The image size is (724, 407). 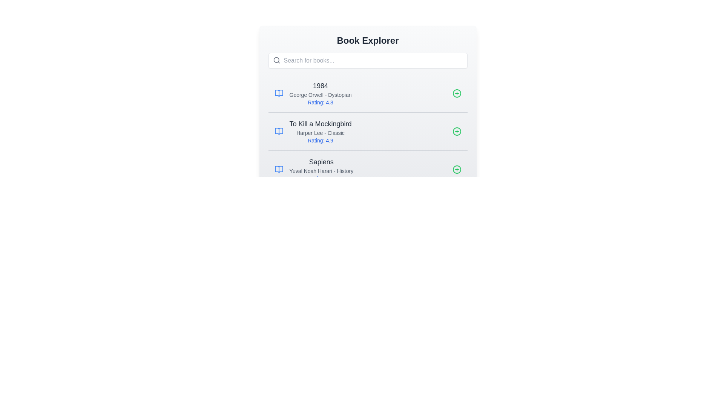 What do you see at coordinates (278, 170) in the screenshot?
I see `the open book icon with a blue outline that is positioned above the plus icon, next to the text '1984' in the first entry of the vertical list` at bounding box center [278, 170].